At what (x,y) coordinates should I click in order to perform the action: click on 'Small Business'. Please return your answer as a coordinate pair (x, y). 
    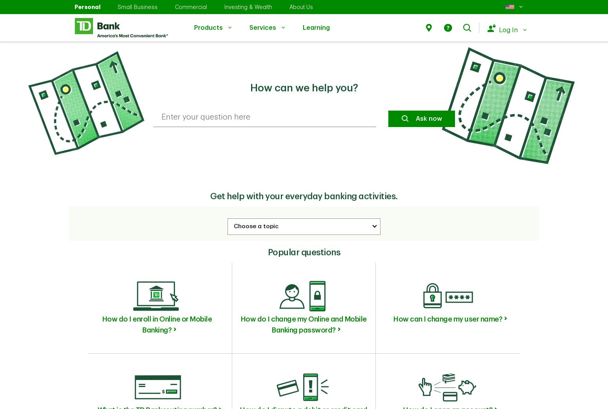
    Looking at the image, I should click on (137, 7).